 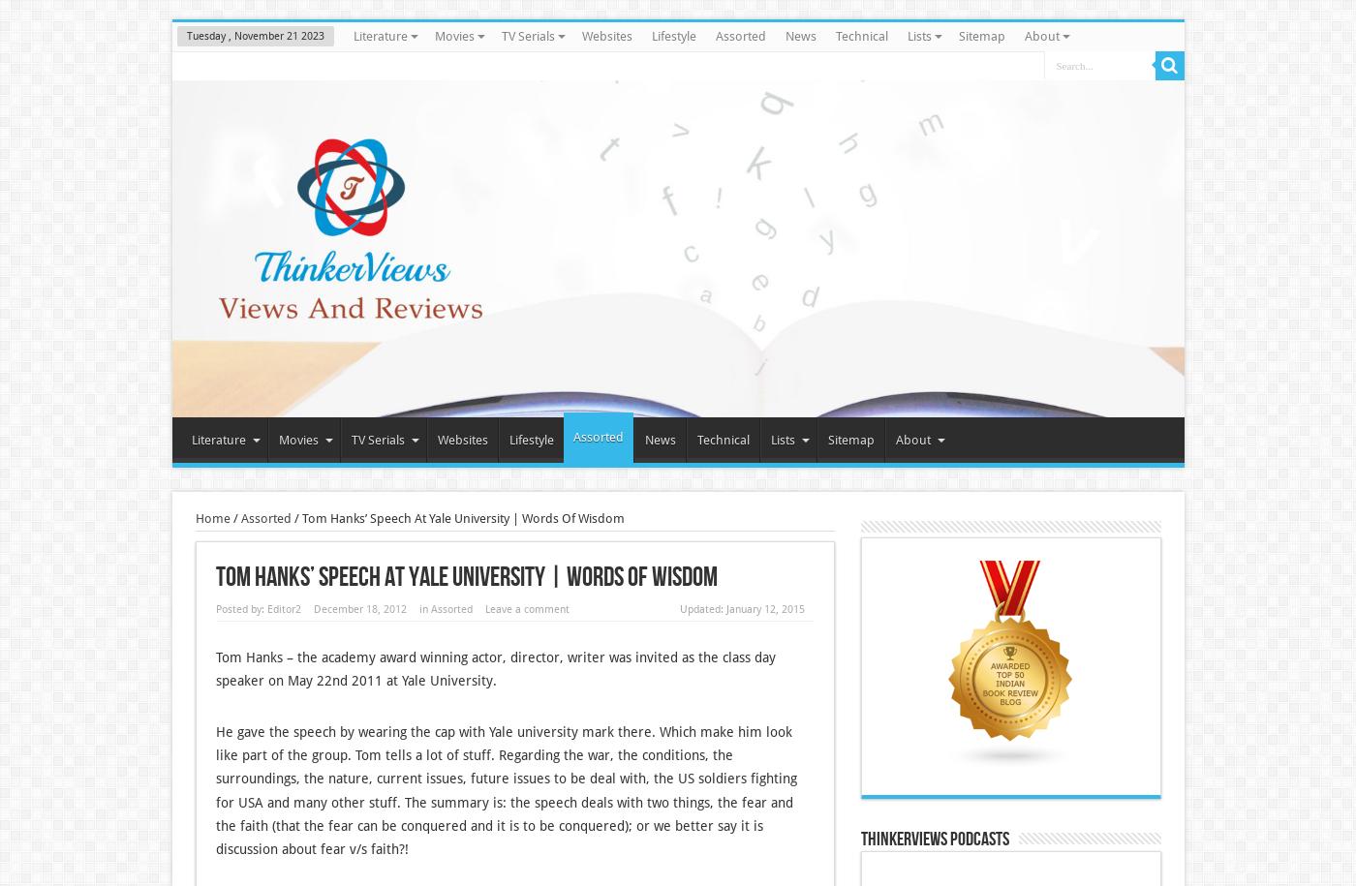 What do you see at coordinates (283, 609) in the screenshot?
I see `'Editor2'` at bounding box center [283, 609].